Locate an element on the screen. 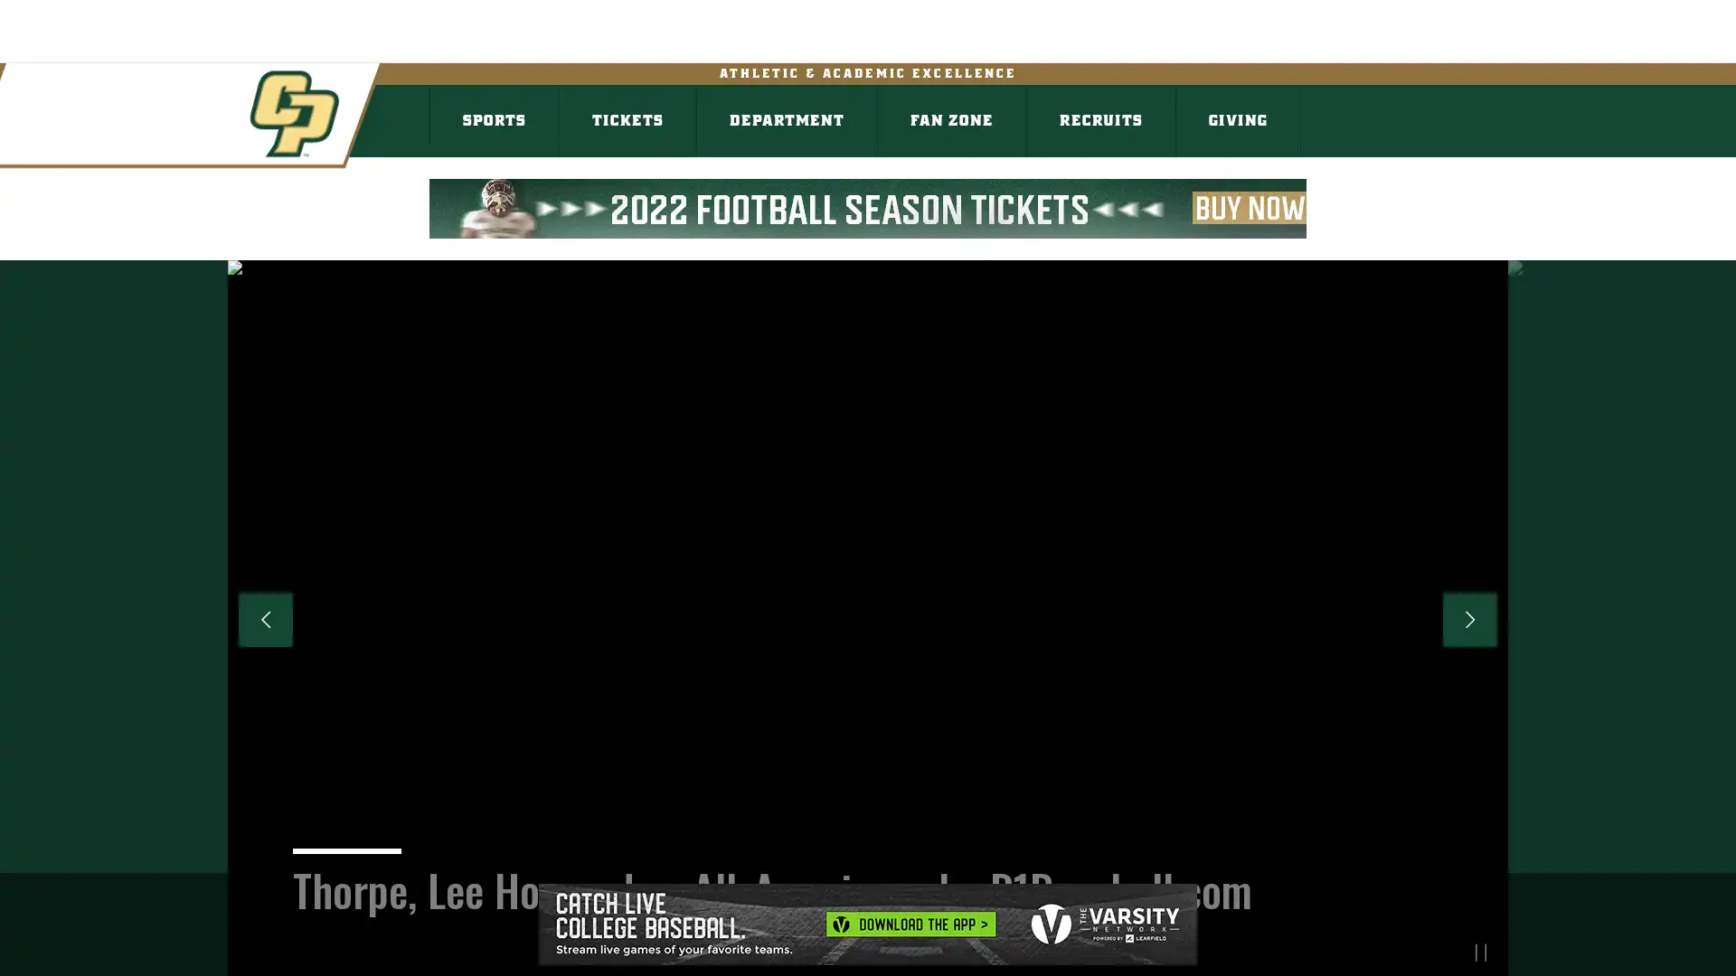  Navigate to slide 2 is located at coordinates (818, 951).